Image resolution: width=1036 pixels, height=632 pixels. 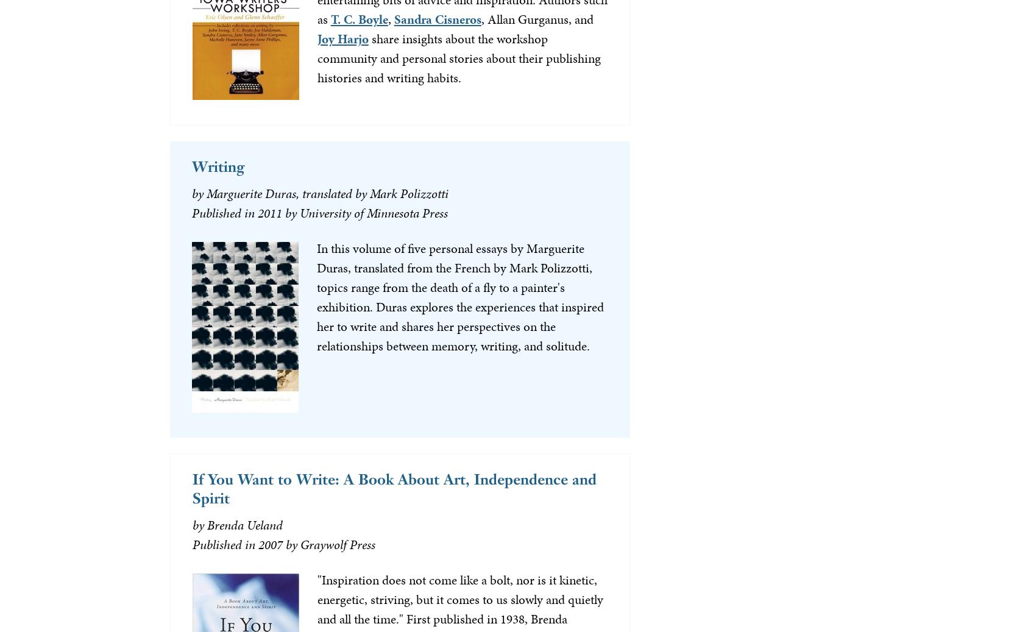 I want to click on ',', so click(x=391, y=18).